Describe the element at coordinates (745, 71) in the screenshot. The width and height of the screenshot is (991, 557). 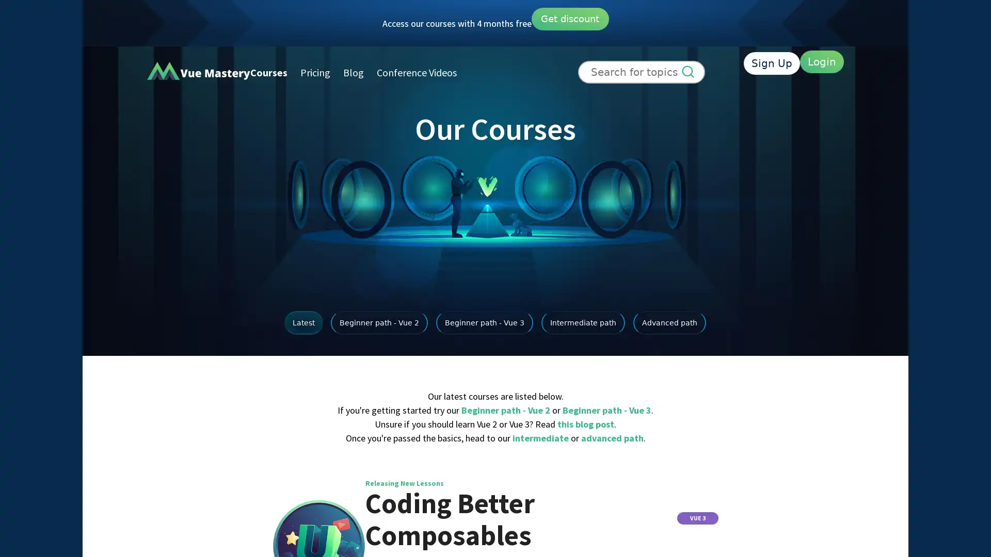
I see `Sign Up` at that location.